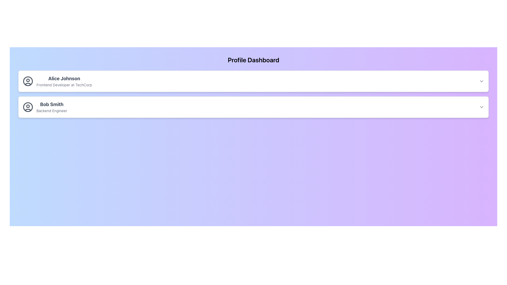  I want to click on the user profile icon located to the left of the text 'Alice Johnson Frontend Developer at TechCorp', so click(27, 81).